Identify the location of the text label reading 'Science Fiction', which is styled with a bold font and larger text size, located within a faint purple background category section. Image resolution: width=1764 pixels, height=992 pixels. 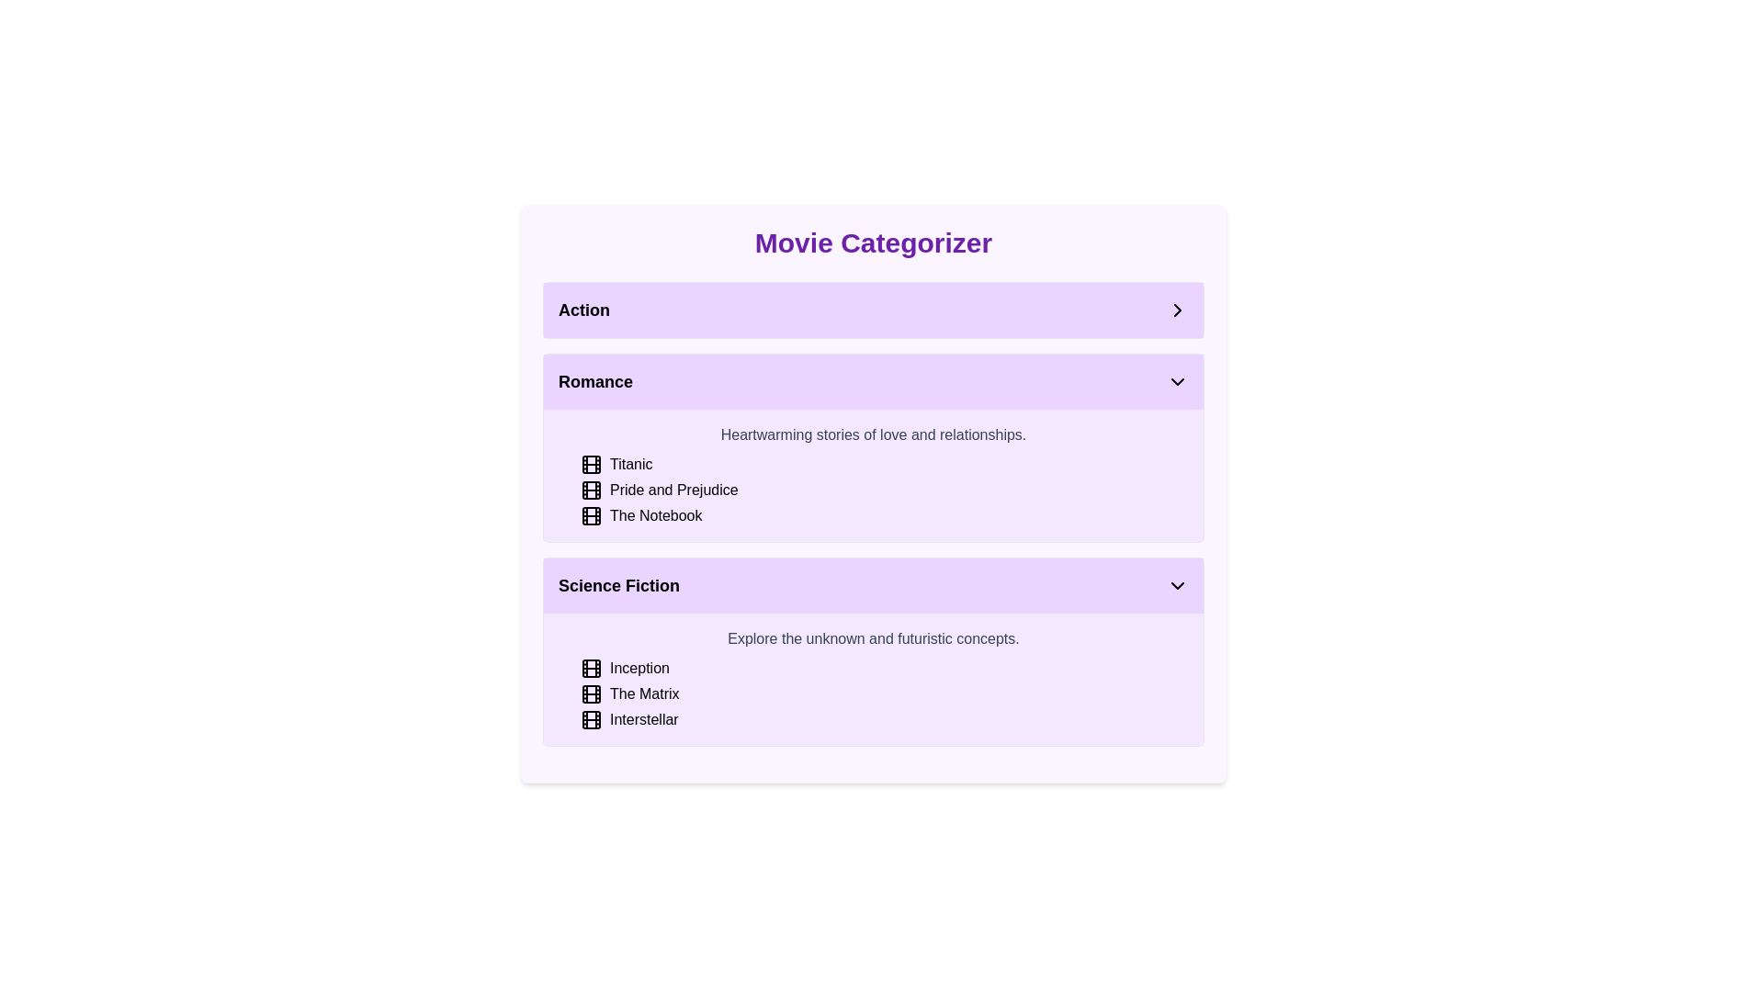
(619, 585).